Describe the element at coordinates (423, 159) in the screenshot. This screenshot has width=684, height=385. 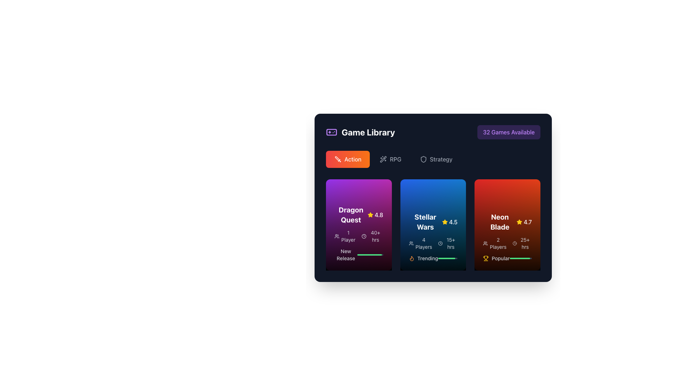
I see `the shield icon representing the 'Strategy' category located to the left of the text 'Strategy'` at that location.